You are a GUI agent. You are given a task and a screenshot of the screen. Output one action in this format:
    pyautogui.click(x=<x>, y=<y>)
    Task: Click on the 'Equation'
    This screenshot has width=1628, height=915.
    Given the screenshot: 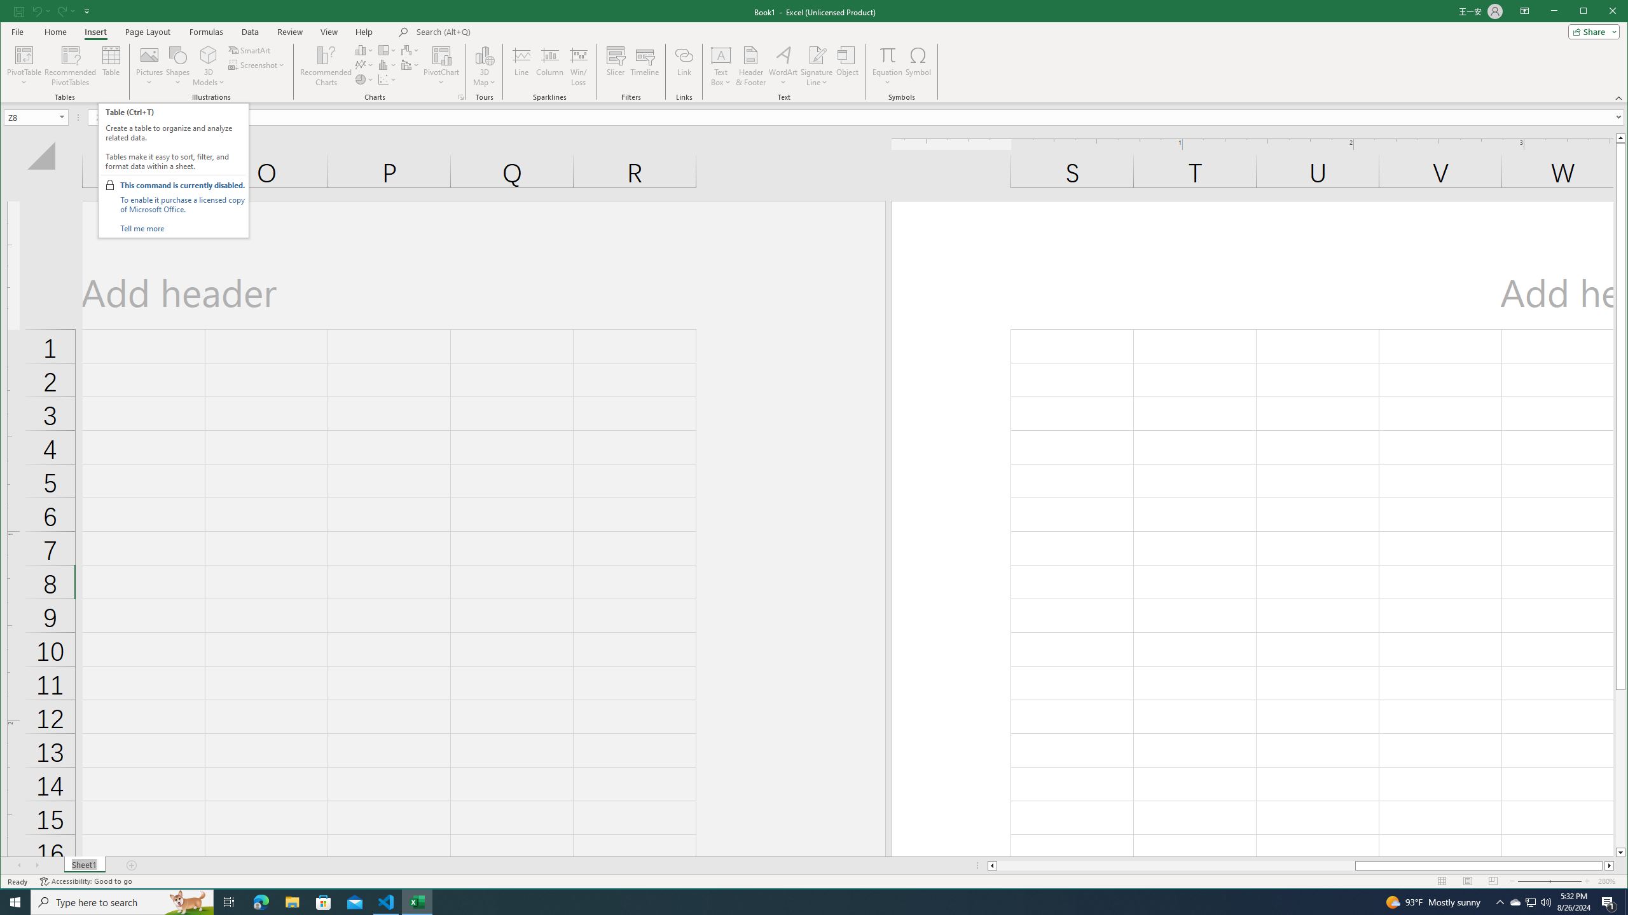 What is the action you would take?
    pyautogui.click(x=886, y=65)
    